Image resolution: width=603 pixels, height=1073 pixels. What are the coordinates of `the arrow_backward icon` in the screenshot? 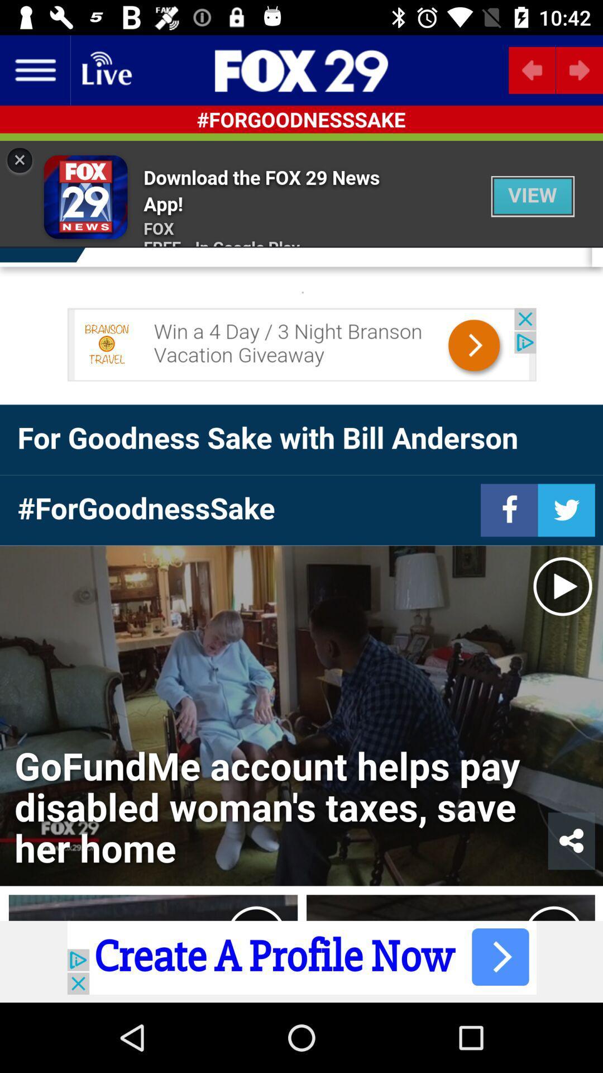 It's located at (532, 69).